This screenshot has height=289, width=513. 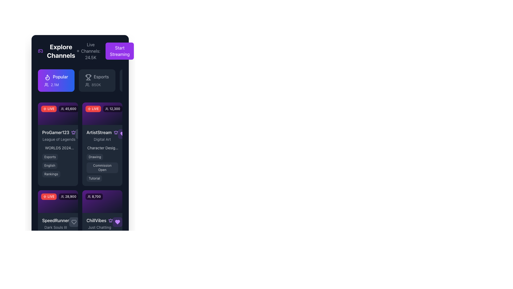 I want to click on the label with the text 'ChillVibes' and the accompanying crown icon, located in the second column of the second row within the content grid, so click(x=100, y=220).